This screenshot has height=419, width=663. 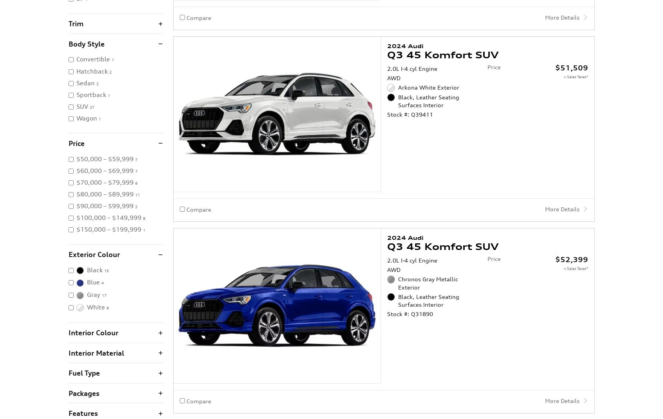 I want to click on 'Stock #: Q39411', so click(x=409, y=114).